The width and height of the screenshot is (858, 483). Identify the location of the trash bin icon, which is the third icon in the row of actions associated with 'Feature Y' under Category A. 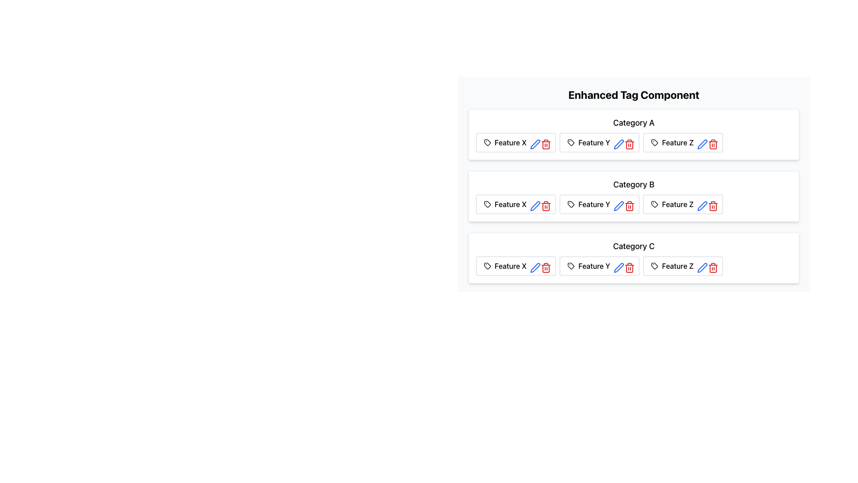
(629, 144).